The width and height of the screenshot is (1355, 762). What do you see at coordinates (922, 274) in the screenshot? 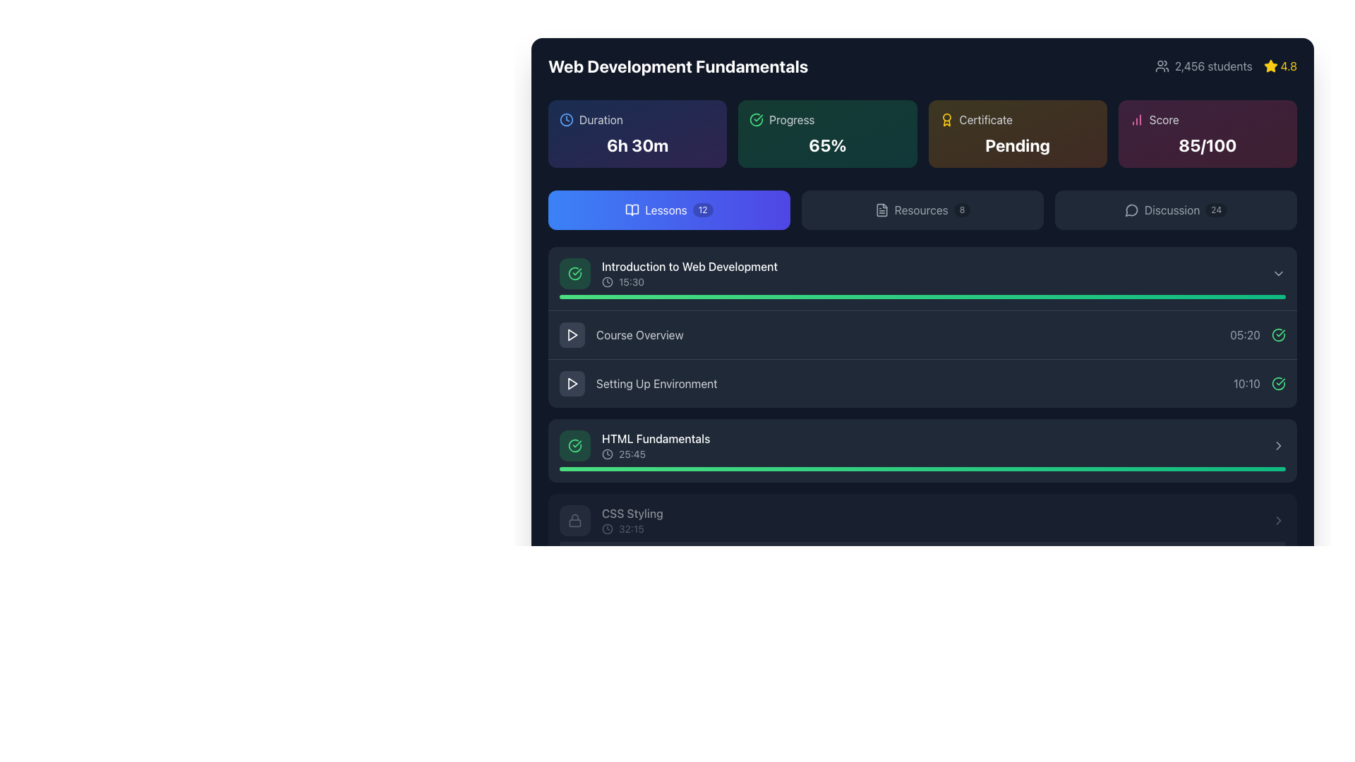
I see `the first lesson item in the list view under the 'Lessons' tab` at bounding box center [922, 274].